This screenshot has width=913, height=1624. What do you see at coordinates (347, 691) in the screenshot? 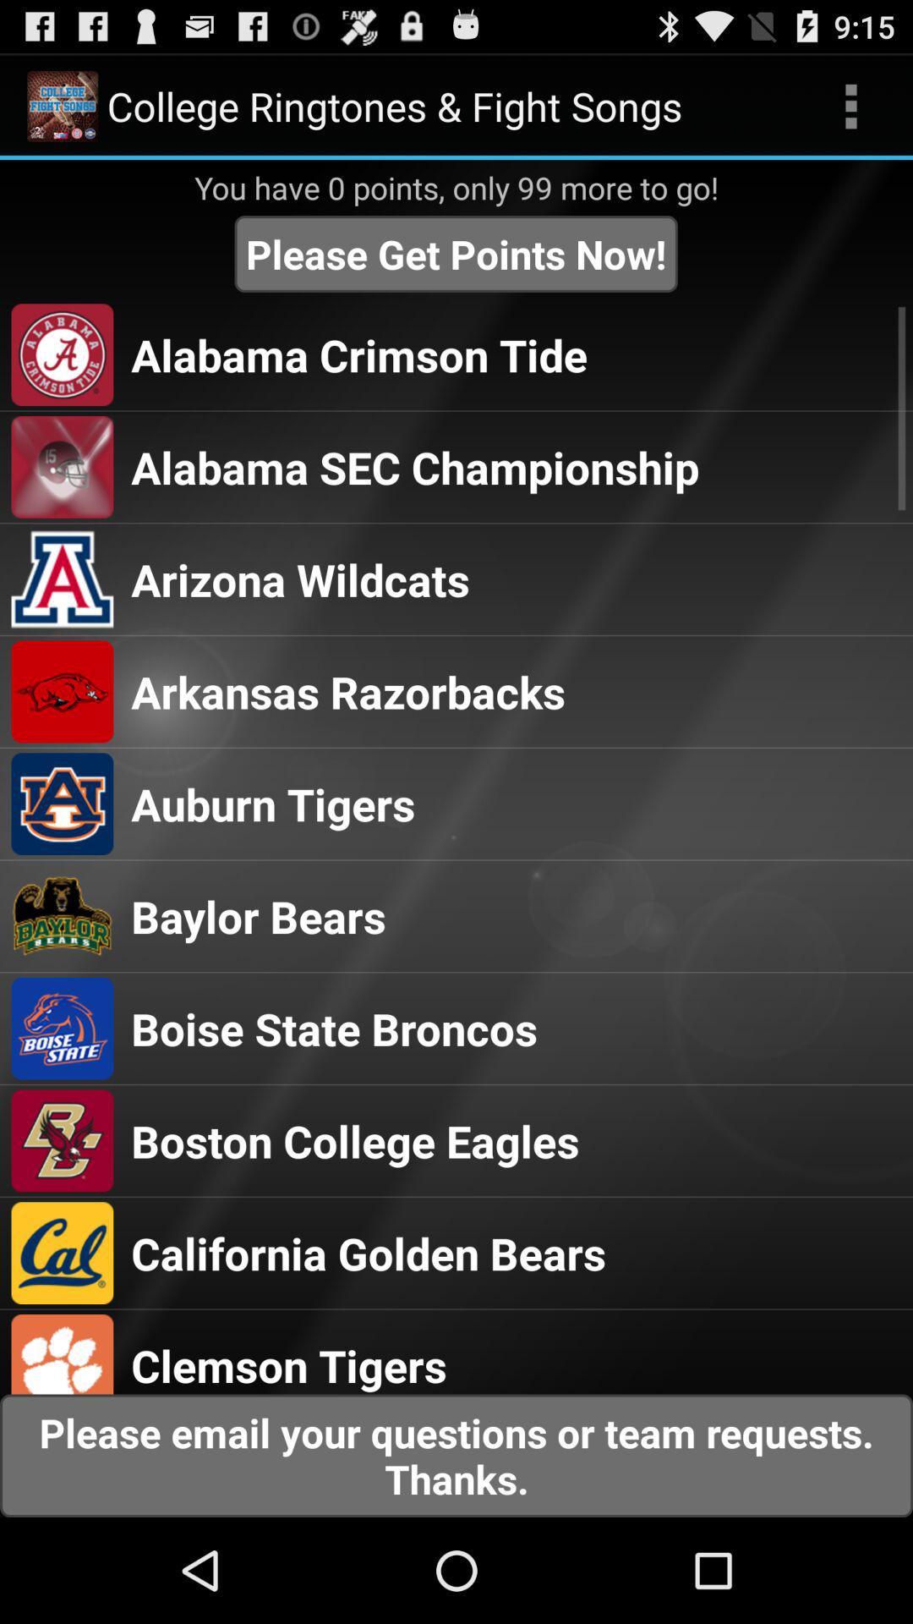
I see `app above the auburn tigers item` at bounding box center [347, 691].